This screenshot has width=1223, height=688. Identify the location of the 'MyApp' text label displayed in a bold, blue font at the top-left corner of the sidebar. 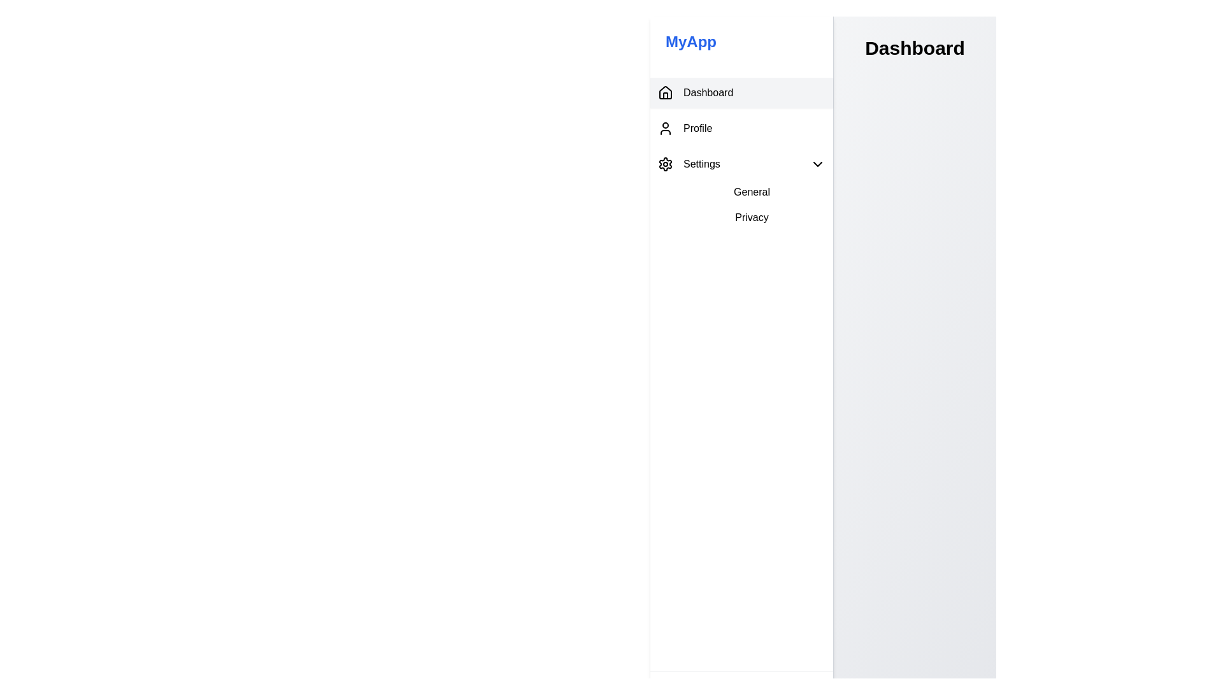
(741, 41).